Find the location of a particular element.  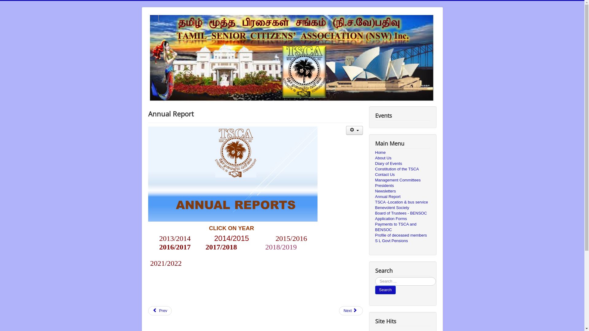

'Application Forms' is located at coordinates (402, 218).